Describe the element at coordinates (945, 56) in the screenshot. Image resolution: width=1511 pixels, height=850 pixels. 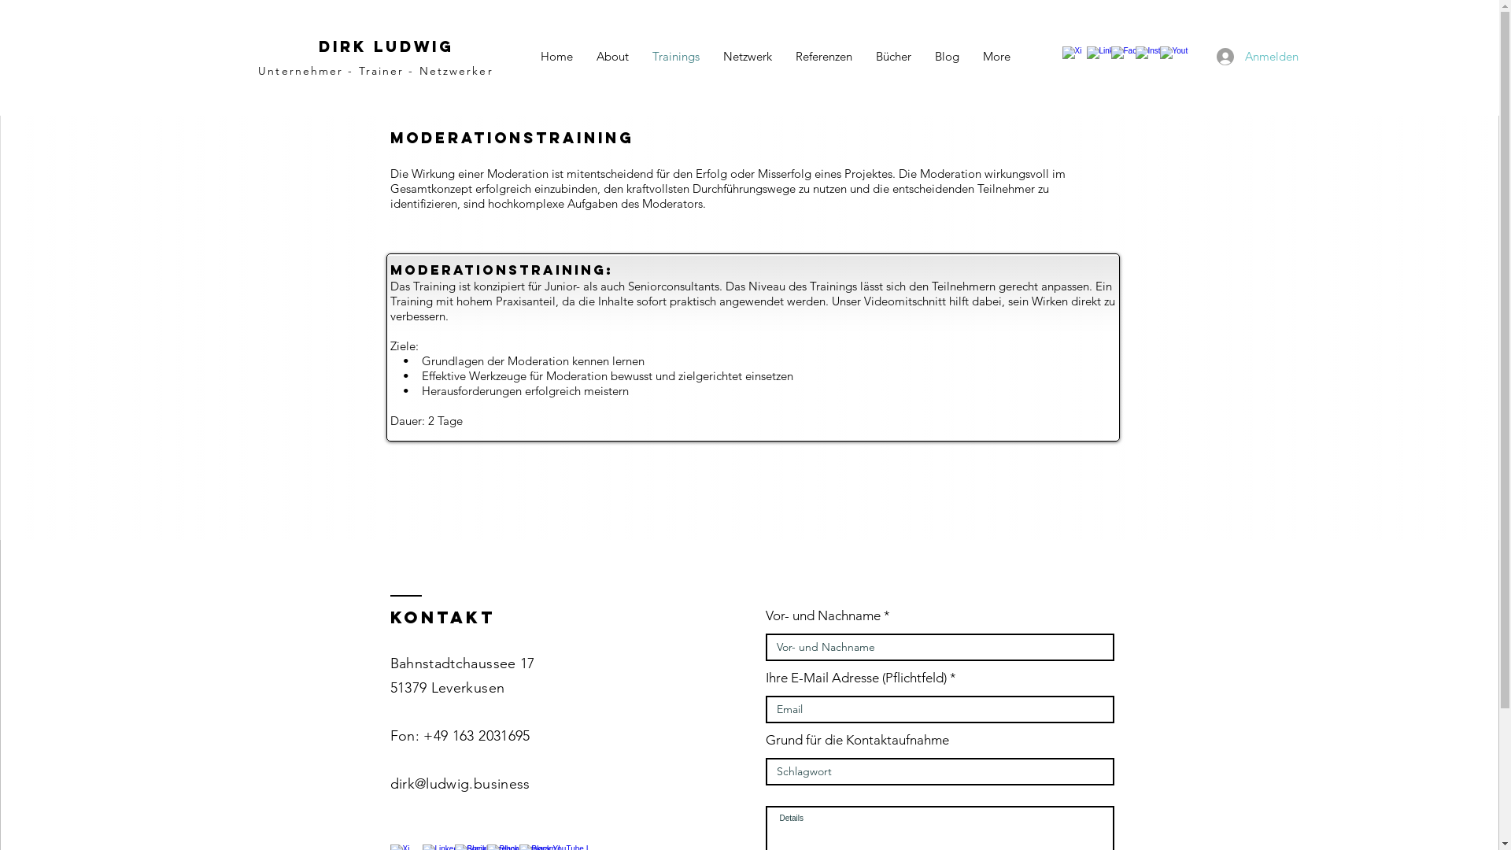
I see `'Blog'` at that location.